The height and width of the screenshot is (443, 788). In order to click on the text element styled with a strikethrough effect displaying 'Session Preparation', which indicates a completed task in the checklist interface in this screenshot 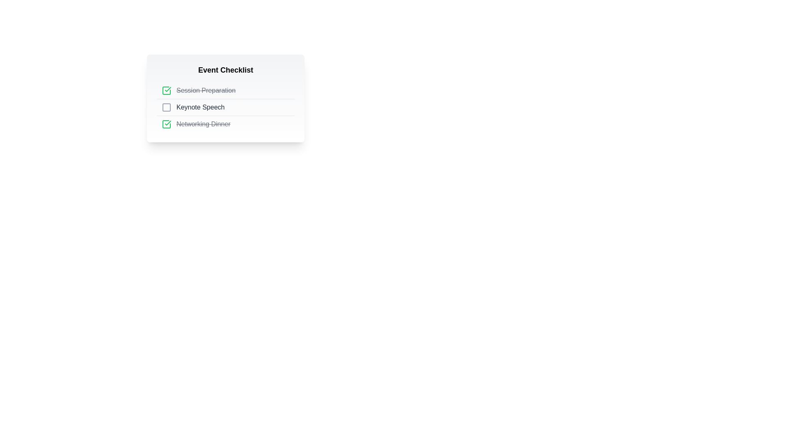, I will do `click(206, 90)`.